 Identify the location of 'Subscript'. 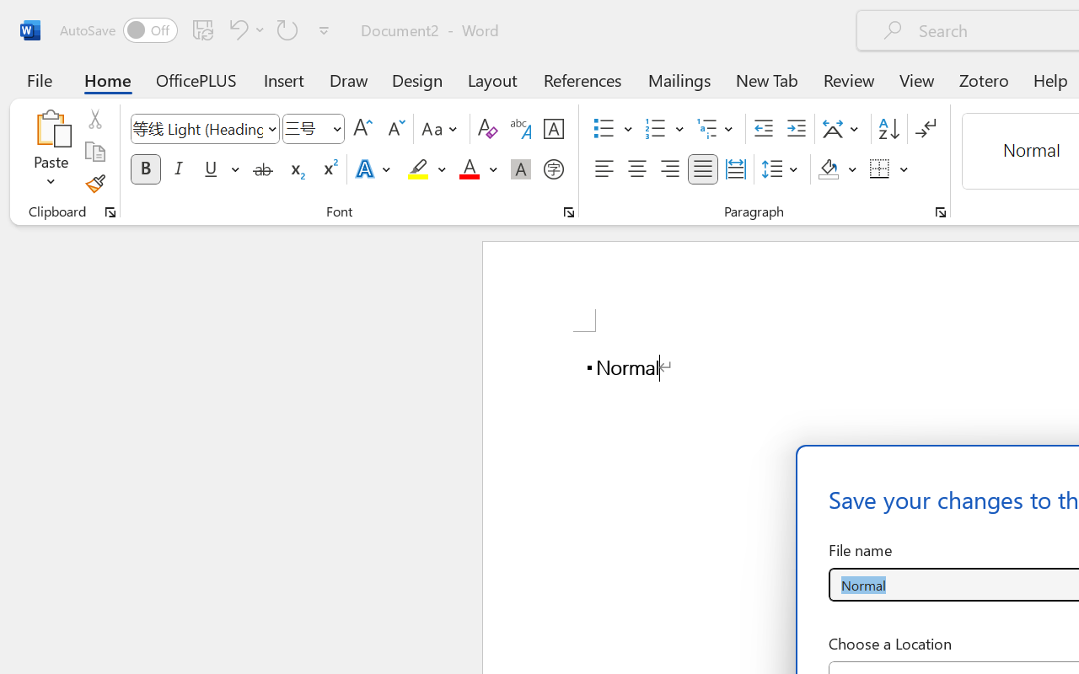
(295, 169).